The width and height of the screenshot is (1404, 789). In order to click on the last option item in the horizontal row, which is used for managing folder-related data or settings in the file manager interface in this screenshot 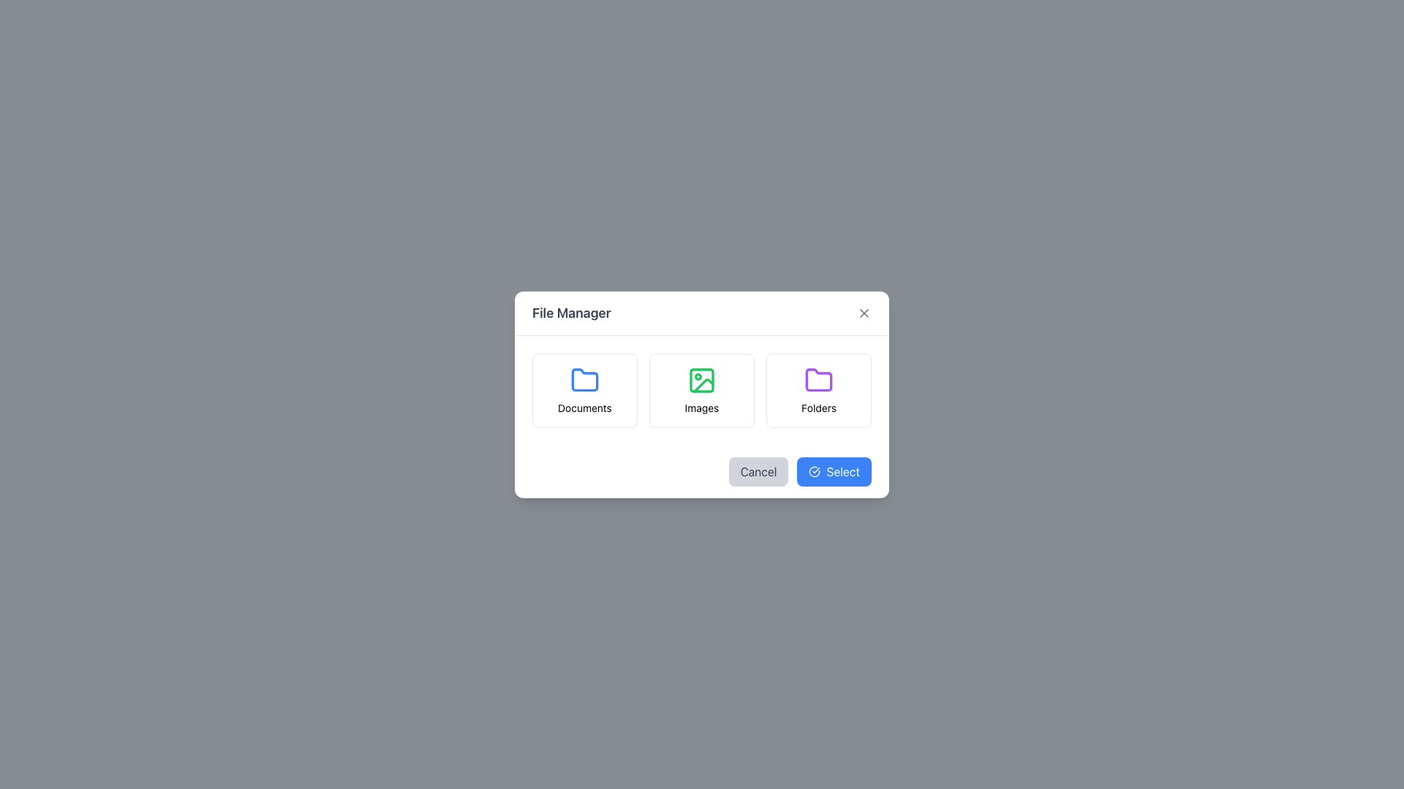, I will do `click(818, 389)`.